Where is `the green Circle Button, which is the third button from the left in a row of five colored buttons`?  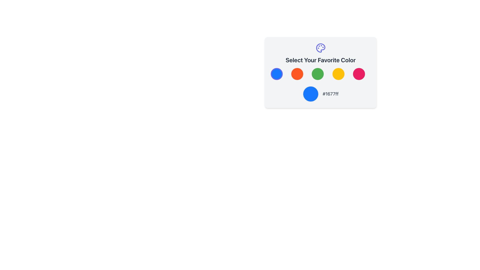 the green Circle Button, which is the third button from the left in a row of five colored buttons is located at coordinates (320, 72).